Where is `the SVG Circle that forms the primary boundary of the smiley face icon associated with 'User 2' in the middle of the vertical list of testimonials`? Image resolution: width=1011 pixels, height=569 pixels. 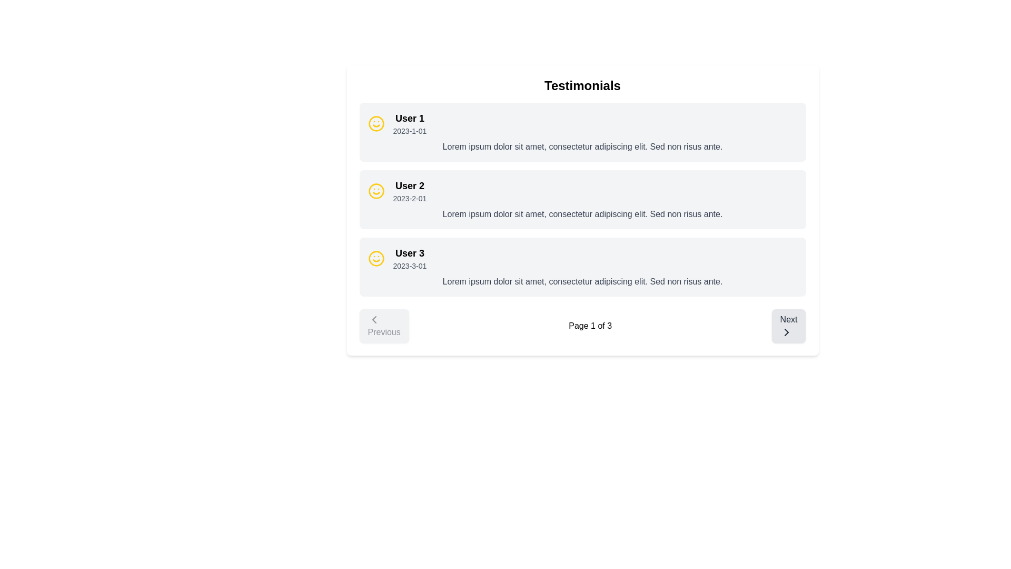 the SVG Circle that forms the primary boundary of the smiley face icon associated with 'User 2' in the middle of the vertical list of testimonials is located at coordinates (376, 191).